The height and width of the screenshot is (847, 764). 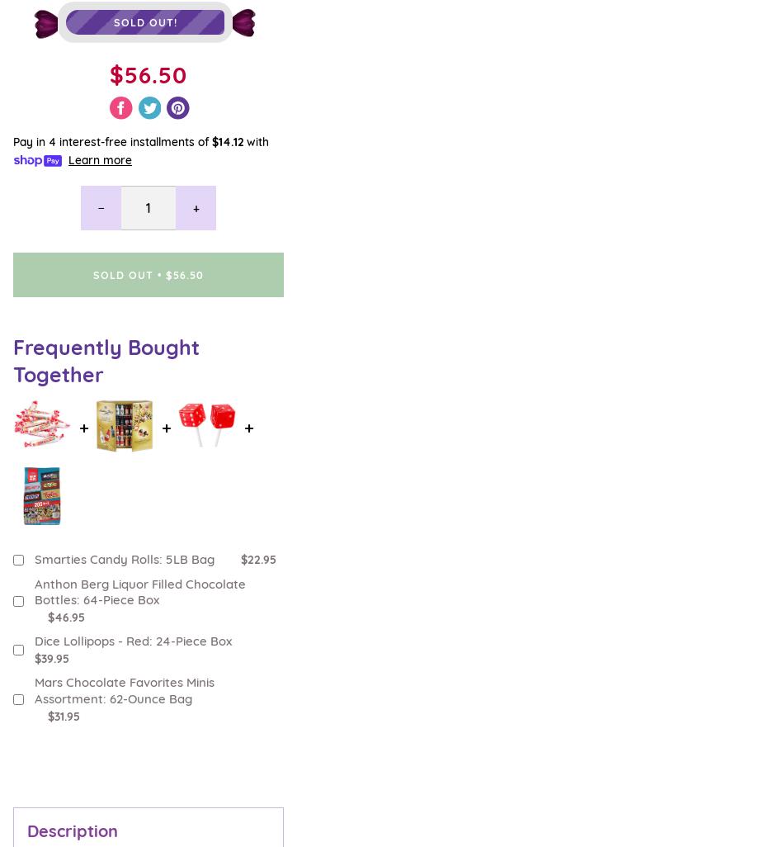 I want to click on 'Site Map', so click(x=12, y=727).